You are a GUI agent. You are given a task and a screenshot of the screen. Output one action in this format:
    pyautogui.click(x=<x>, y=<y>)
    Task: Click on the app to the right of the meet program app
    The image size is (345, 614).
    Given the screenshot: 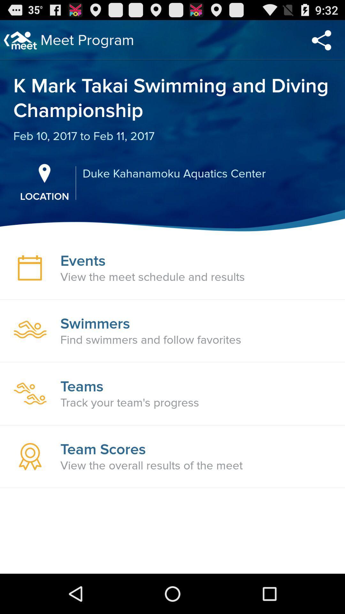 What is the action you would take?
    pyautogui.click(x=321, y=40)
    